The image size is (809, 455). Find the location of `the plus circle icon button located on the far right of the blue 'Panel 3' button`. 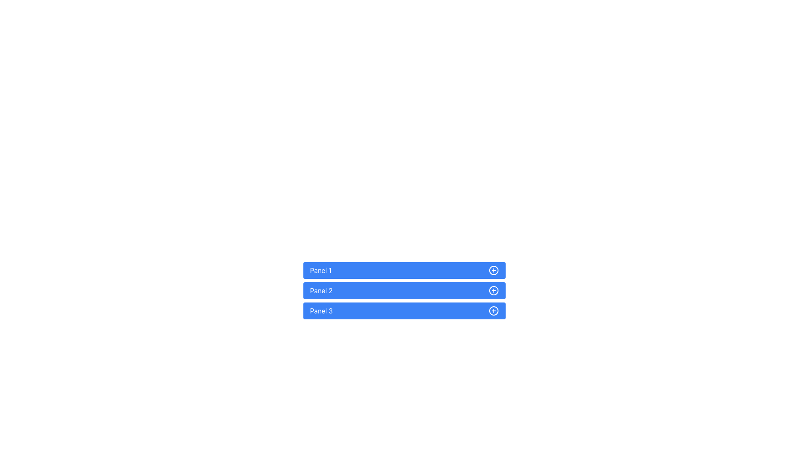

the plus circle icon button located on the far right of the blue 'Panel 3' button is located at coordinates (493, 310).